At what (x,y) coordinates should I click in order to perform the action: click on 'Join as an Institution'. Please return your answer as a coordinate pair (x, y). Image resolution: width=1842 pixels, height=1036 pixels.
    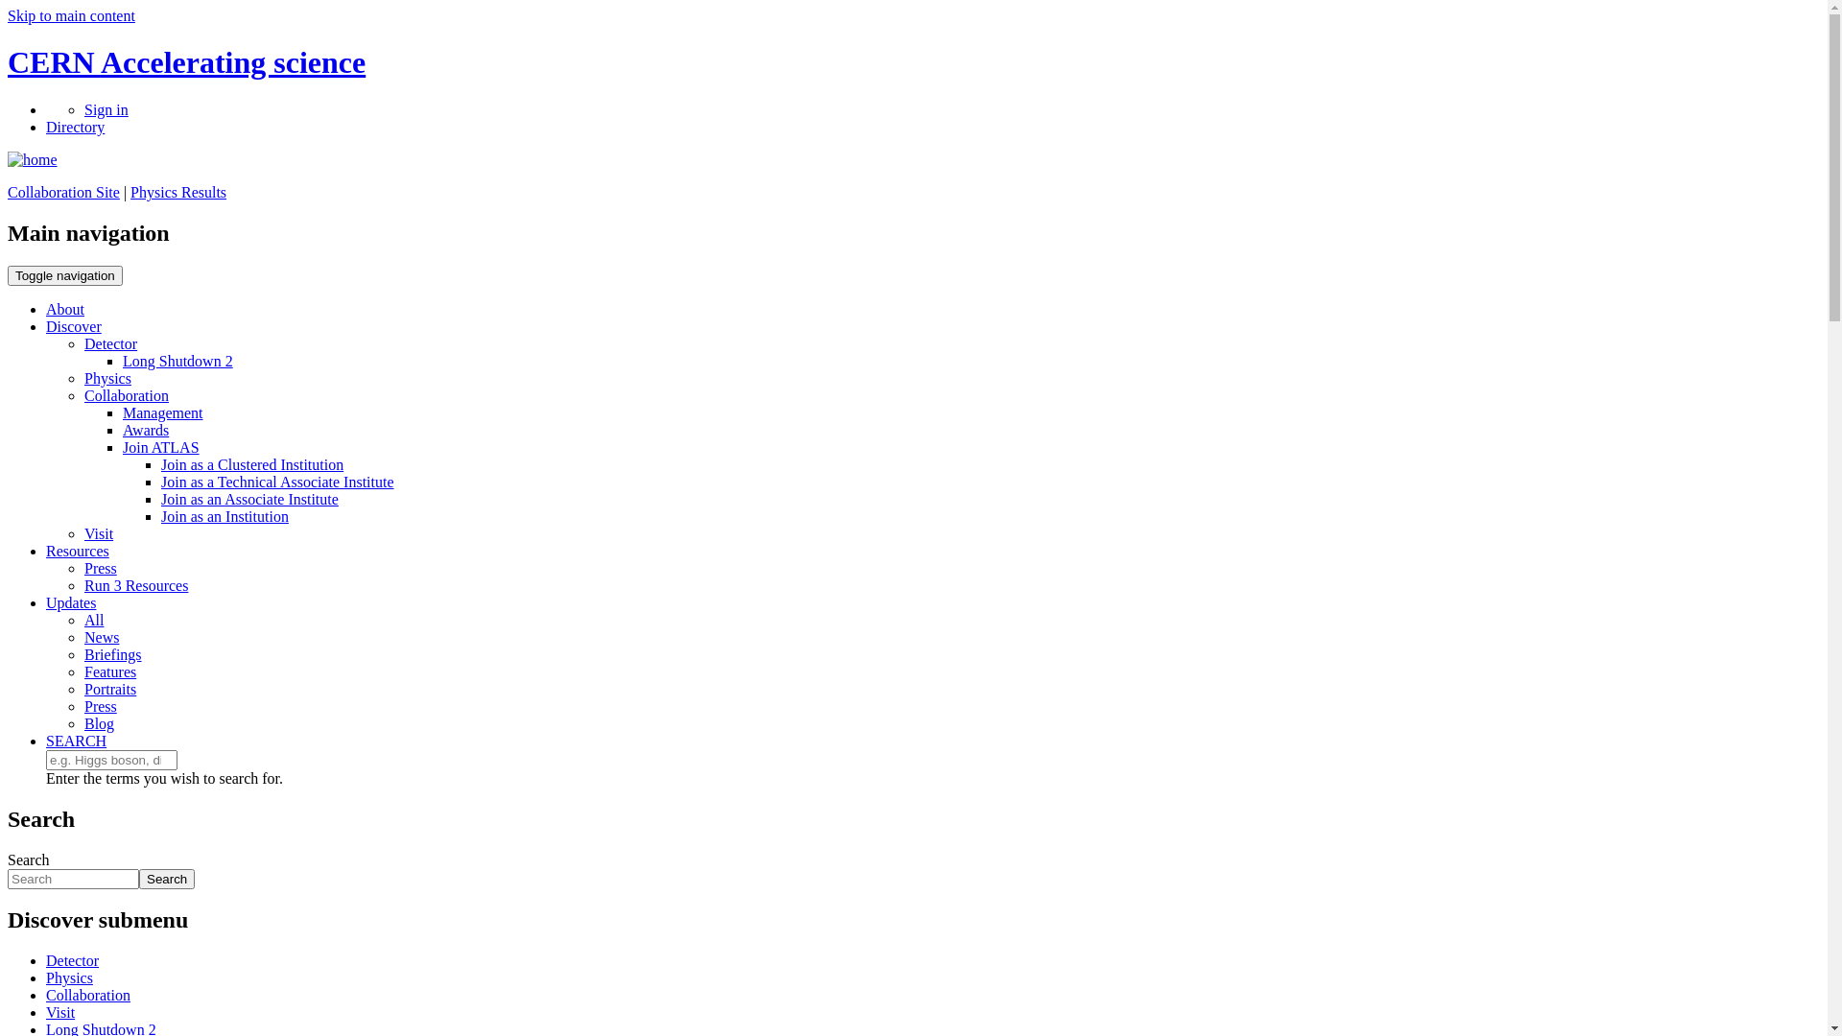
    Looking at the image, I should click on (224, 515).